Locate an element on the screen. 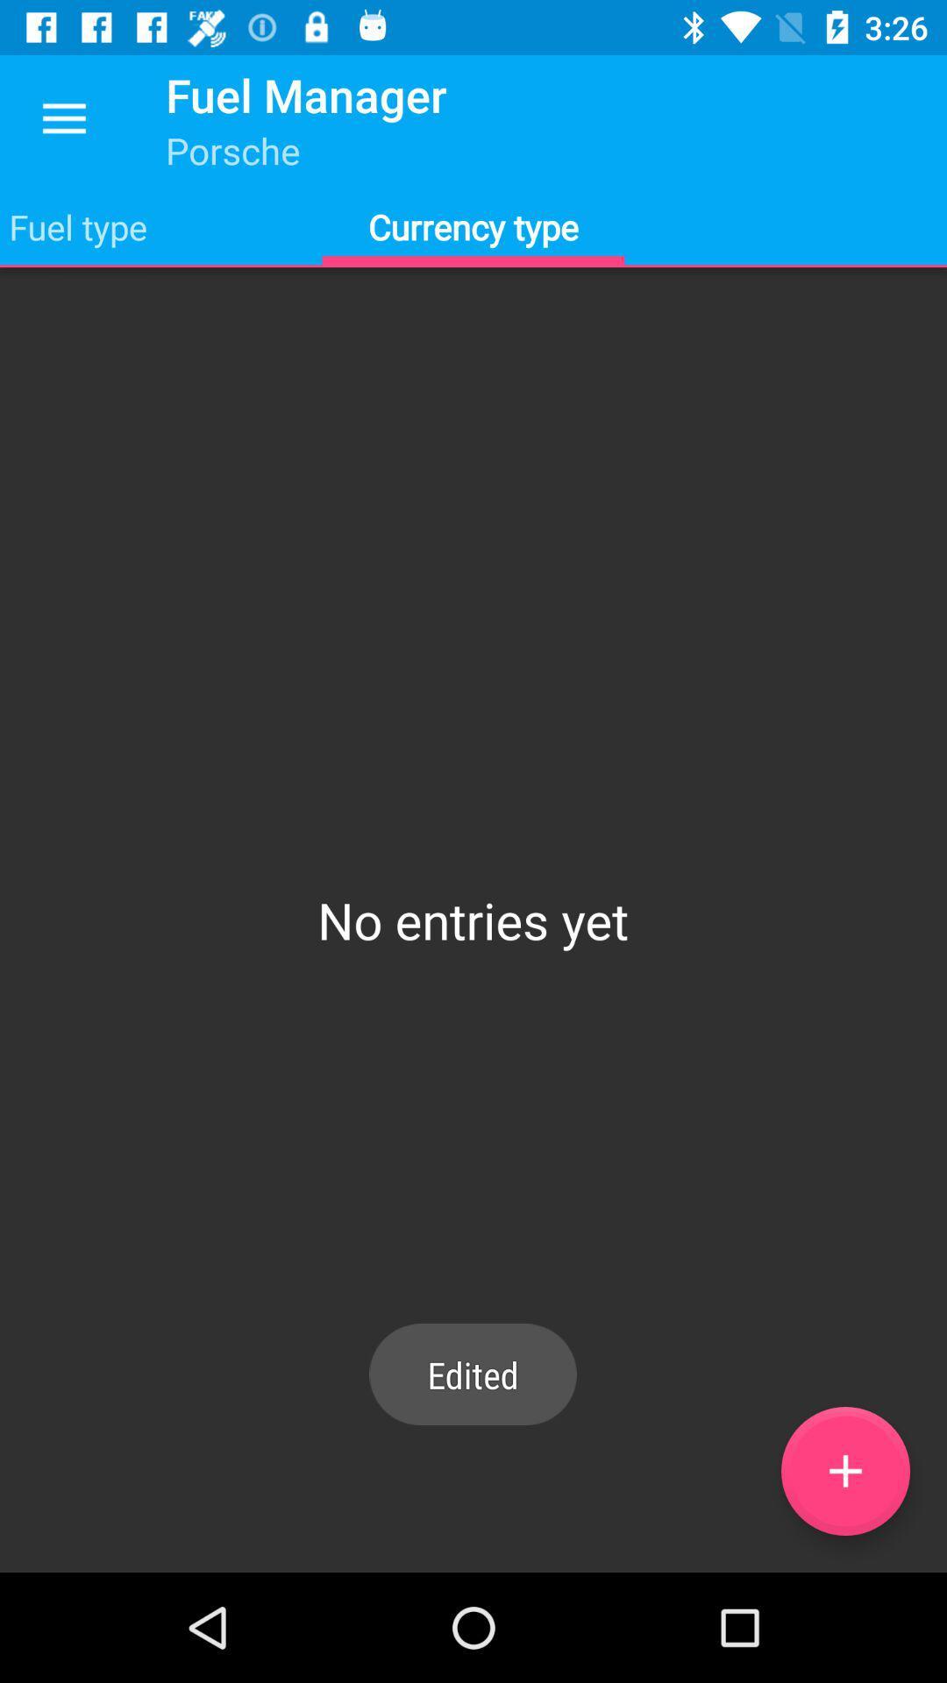  the add icon is located at coordinates (844, 1471).